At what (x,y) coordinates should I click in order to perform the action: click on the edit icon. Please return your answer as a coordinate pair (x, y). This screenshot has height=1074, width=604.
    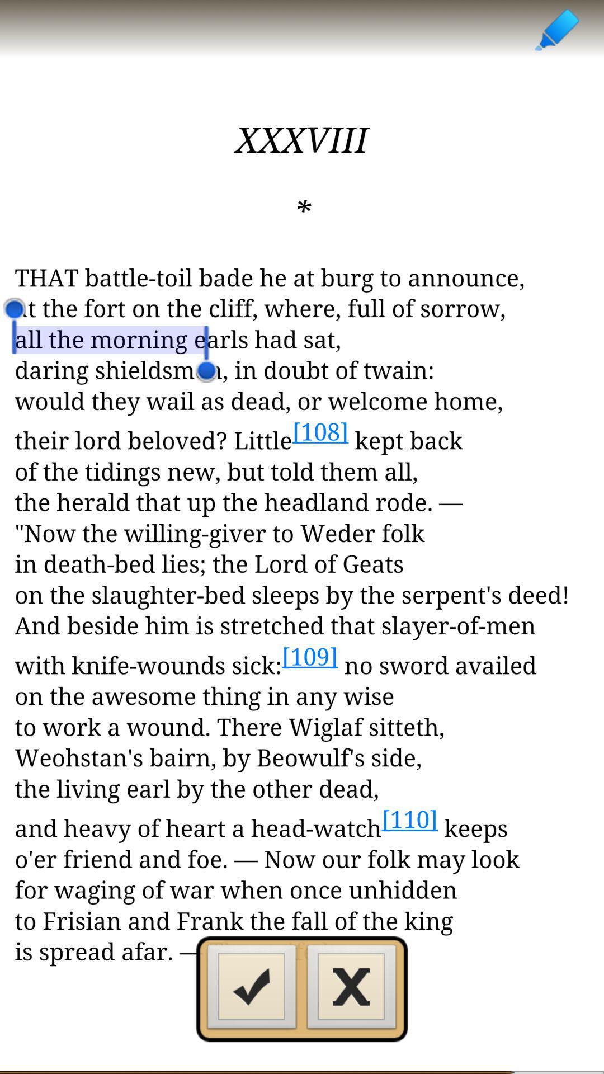
    Looking at the image, I should click on (556, 29).